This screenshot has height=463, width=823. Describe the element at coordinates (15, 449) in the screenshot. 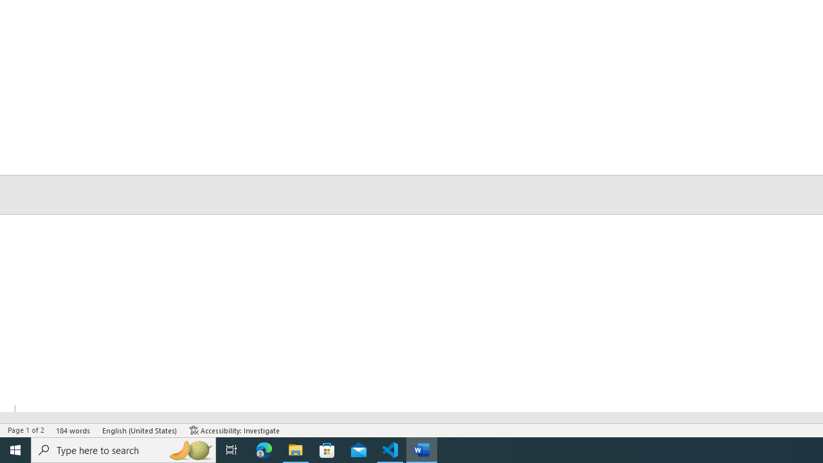

I see `'Start'` at that location.